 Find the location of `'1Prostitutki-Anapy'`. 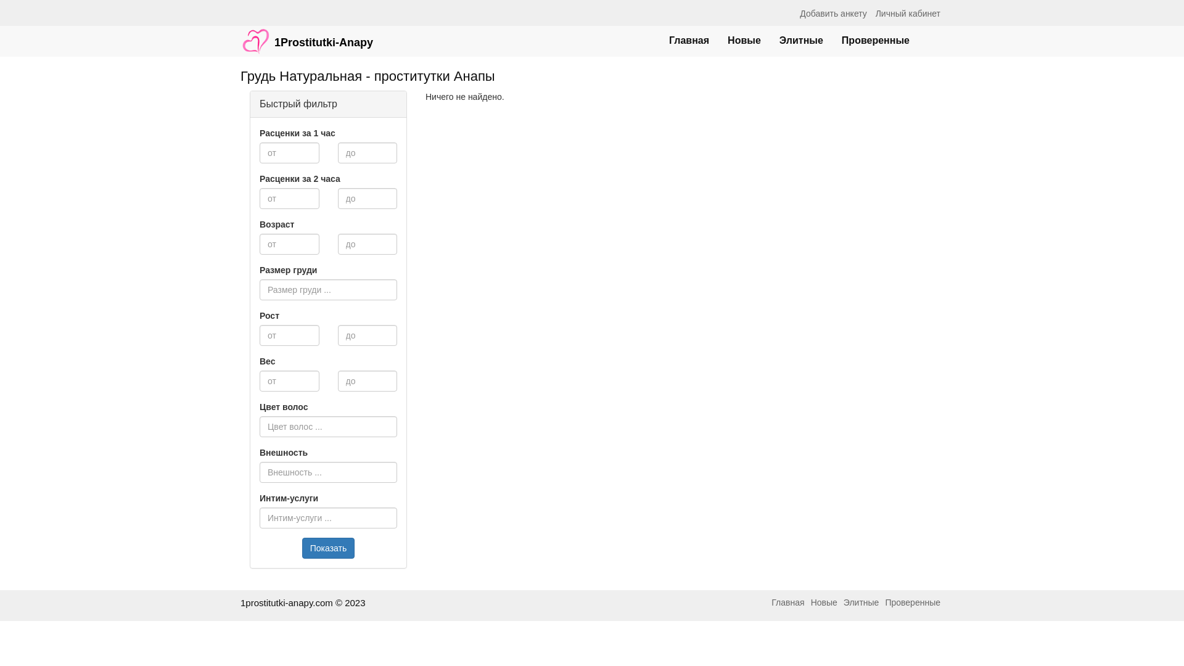

'1Prostitutki-Anapy' is located at coordinates (306, 35).